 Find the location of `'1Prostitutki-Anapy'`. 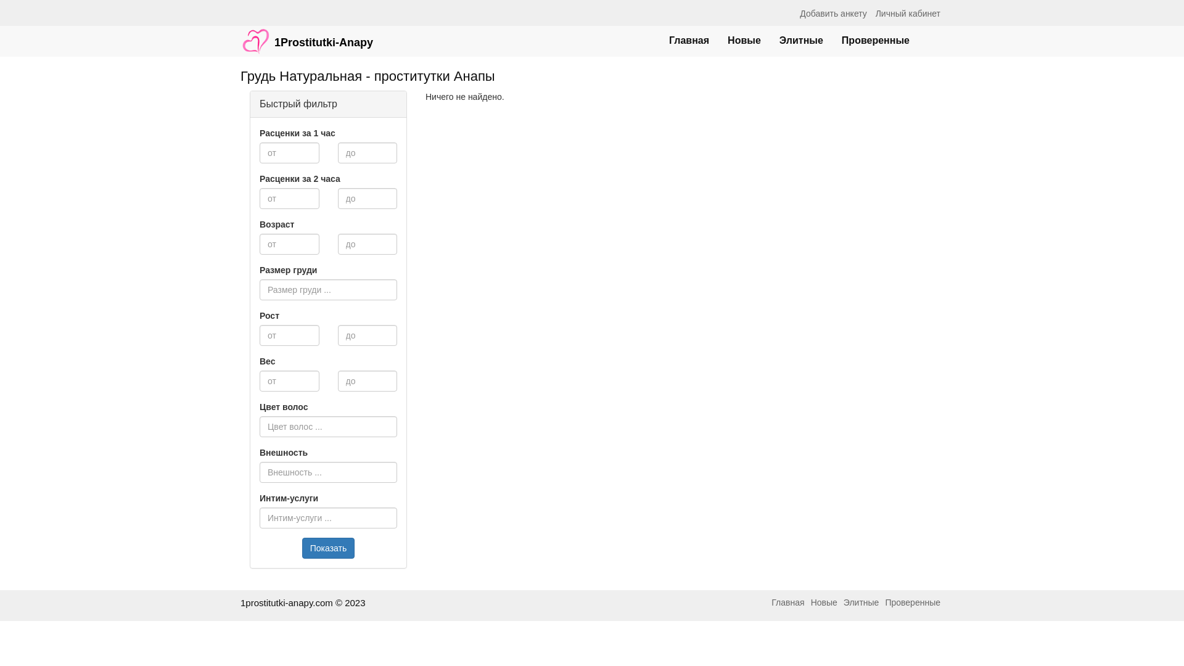

'1Prostitutki-Anapy' is located at coordinates (306, 35).